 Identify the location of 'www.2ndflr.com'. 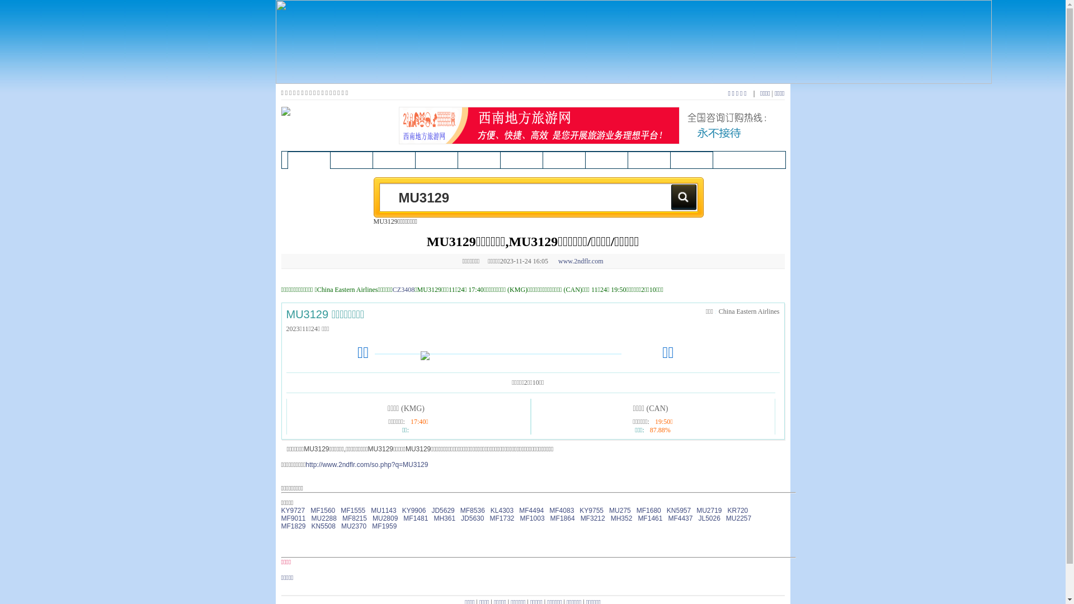
(581, 261).